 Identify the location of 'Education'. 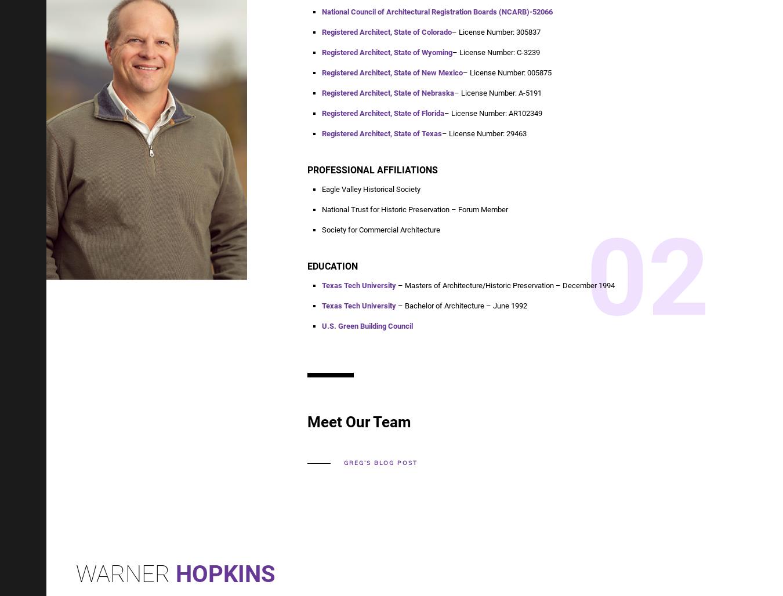
(332, 266).